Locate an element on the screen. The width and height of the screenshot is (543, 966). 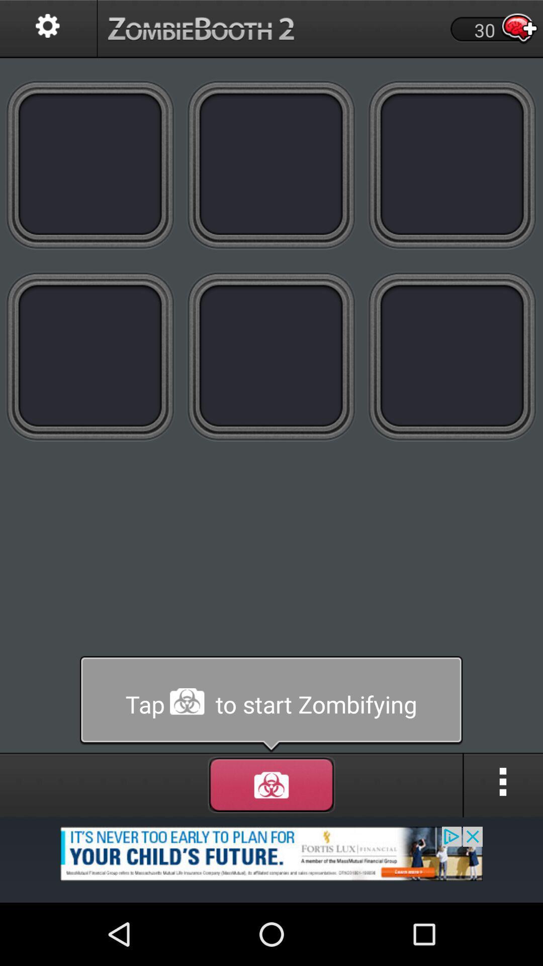
menu is located at coordinates (271, 784).